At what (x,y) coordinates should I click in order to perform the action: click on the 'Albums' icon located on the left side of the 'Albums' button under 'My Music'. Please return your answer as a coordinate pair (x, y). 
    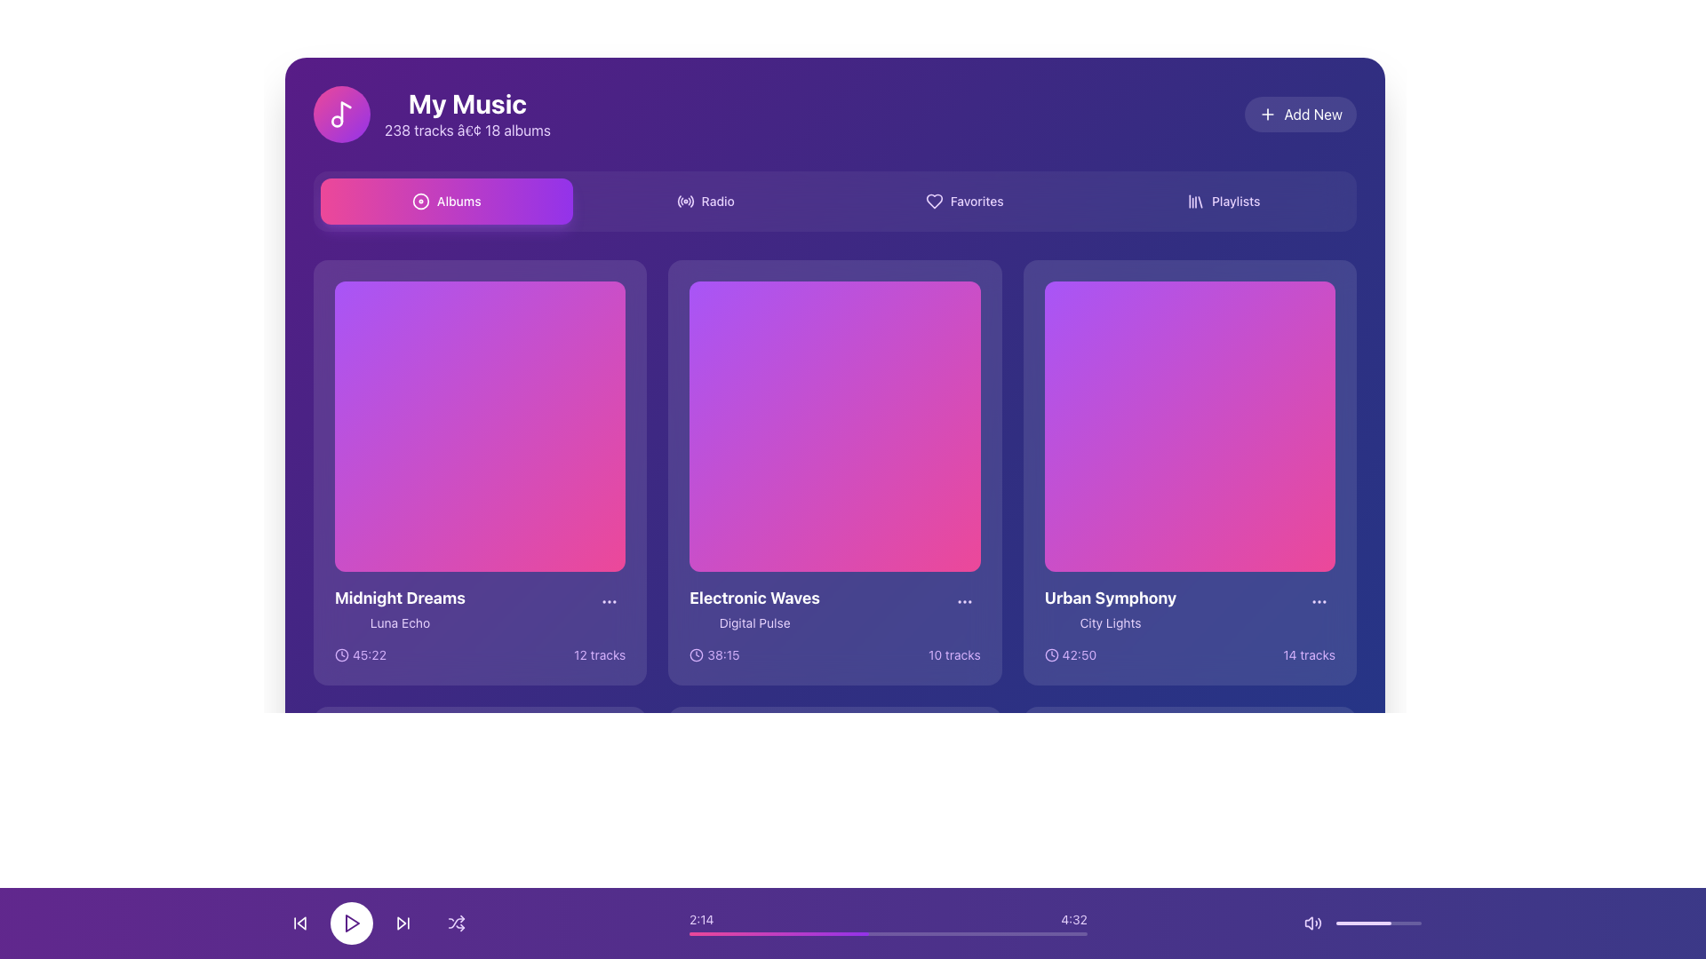
    Looking at the image, I should click on (419, 201).